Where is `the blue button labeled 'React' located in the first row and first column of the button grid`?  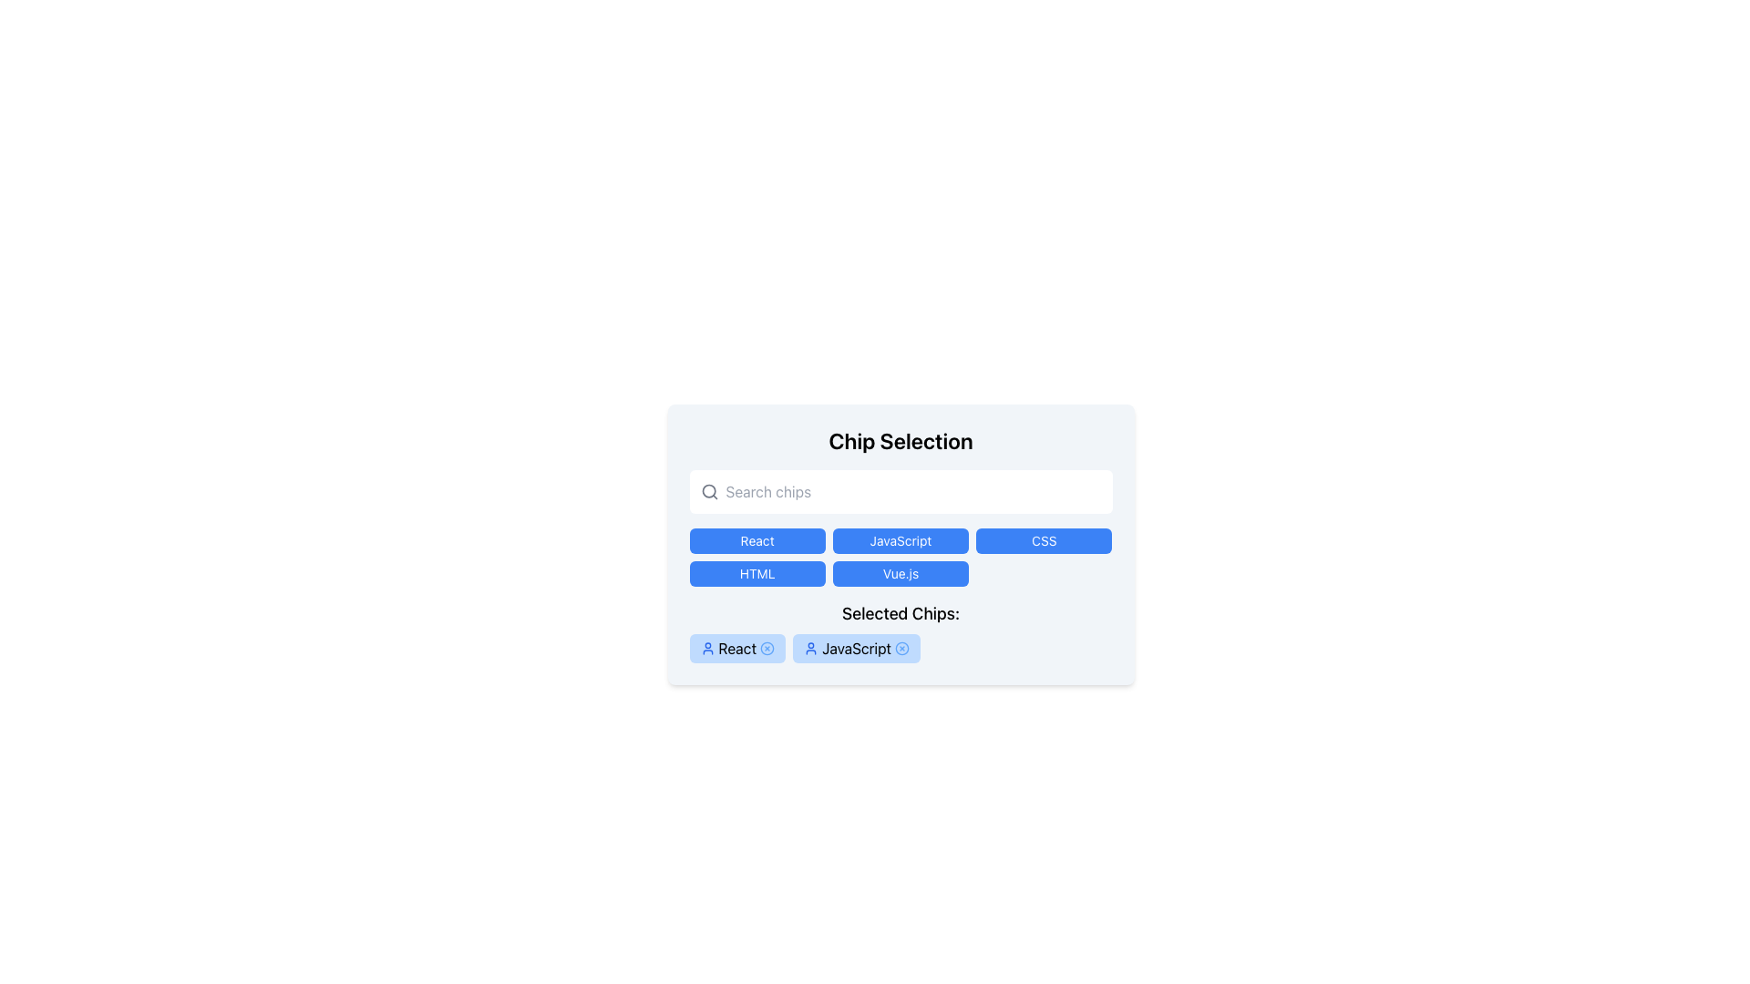 the blue button labeled 'React' located in the first row and first column of the button grid is located at coordinates (757, 540).